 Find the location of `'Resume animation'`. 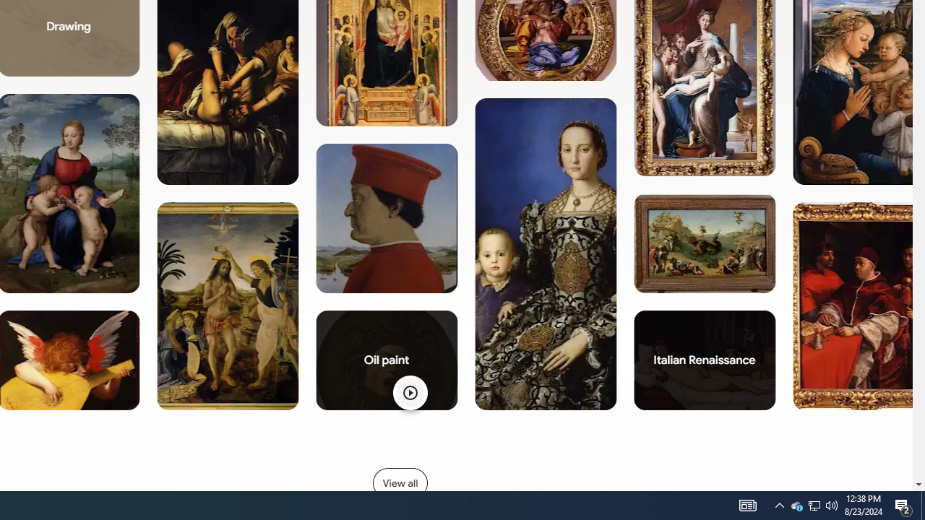

'Resume animation' is located at coordinates (409, 392).